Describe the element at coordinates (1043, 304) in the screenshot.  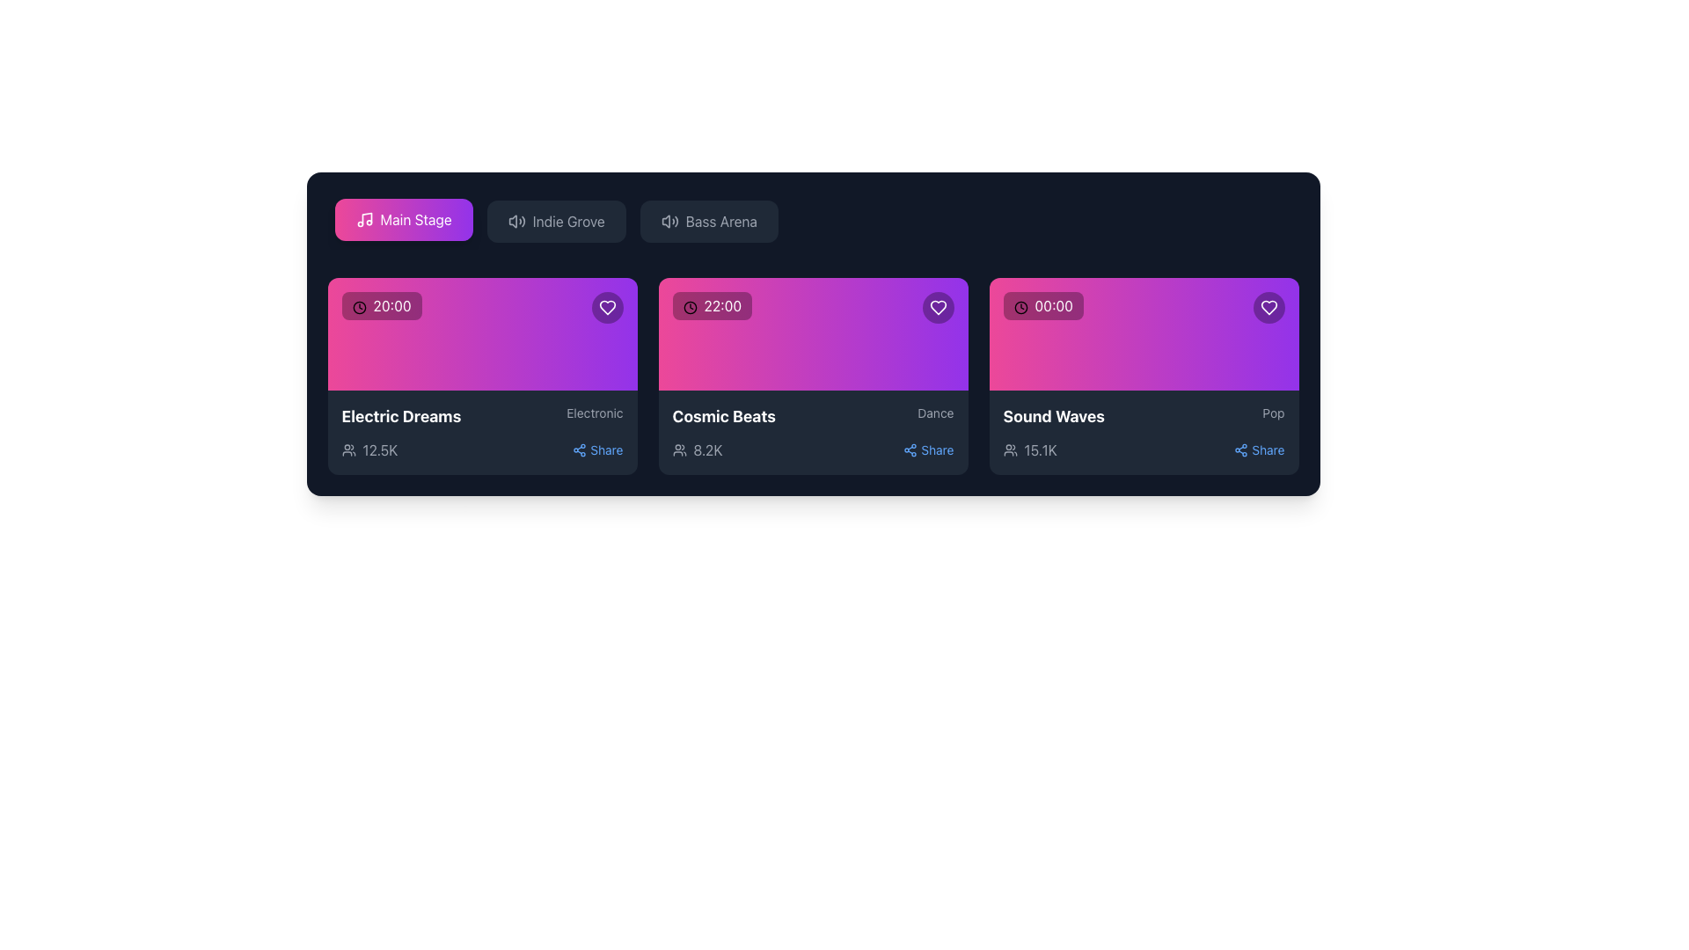
I see `the label with an icon that indicates the start time of the 'Sound Waves' event, located in the top left corner of the third purple gradient card` at that location.